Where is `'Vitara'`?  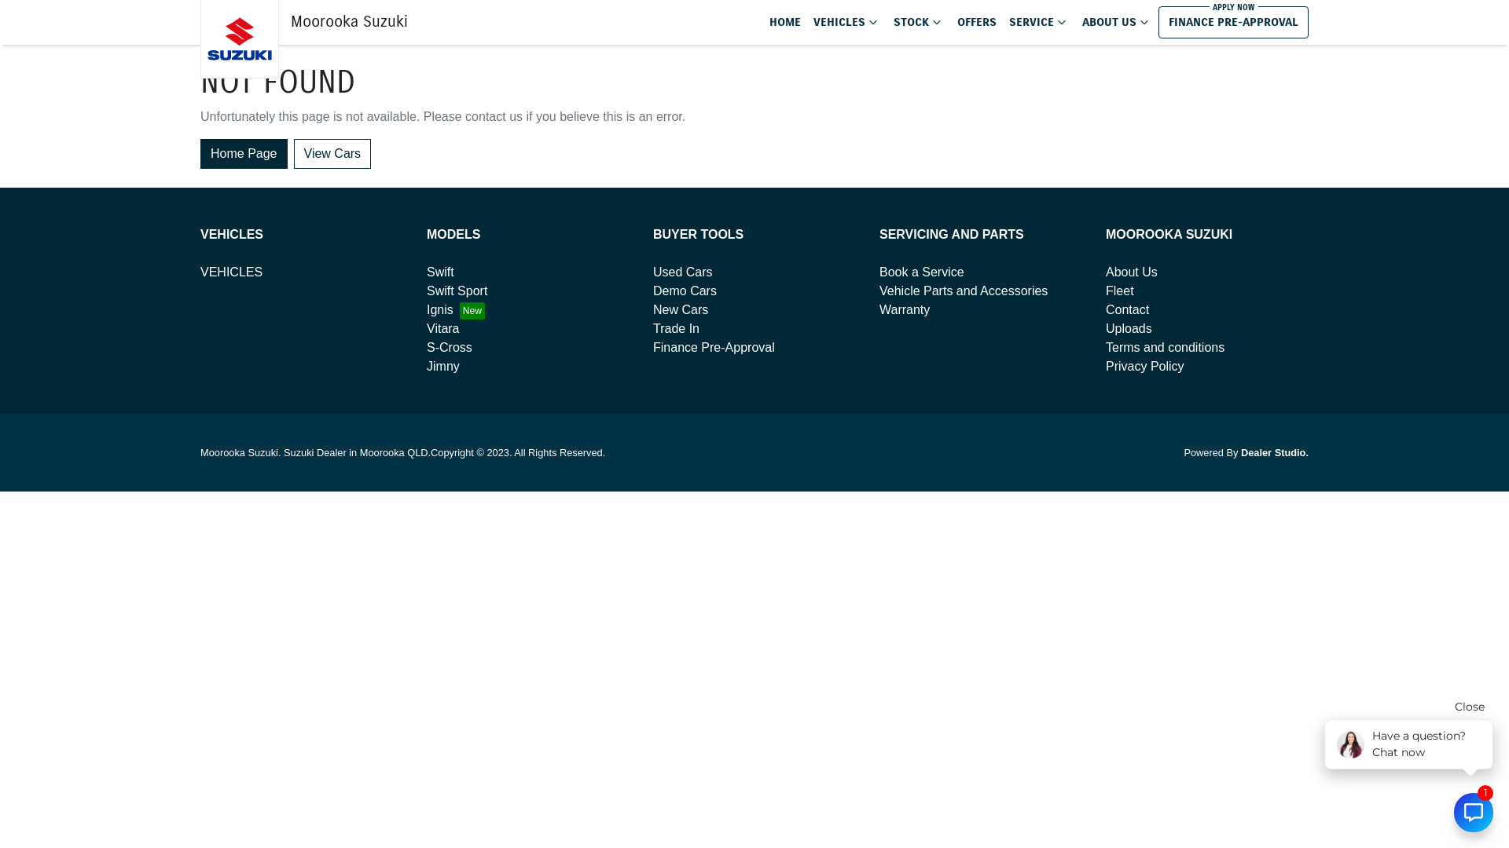
'Vitara' is located at coordinates (442, 327).